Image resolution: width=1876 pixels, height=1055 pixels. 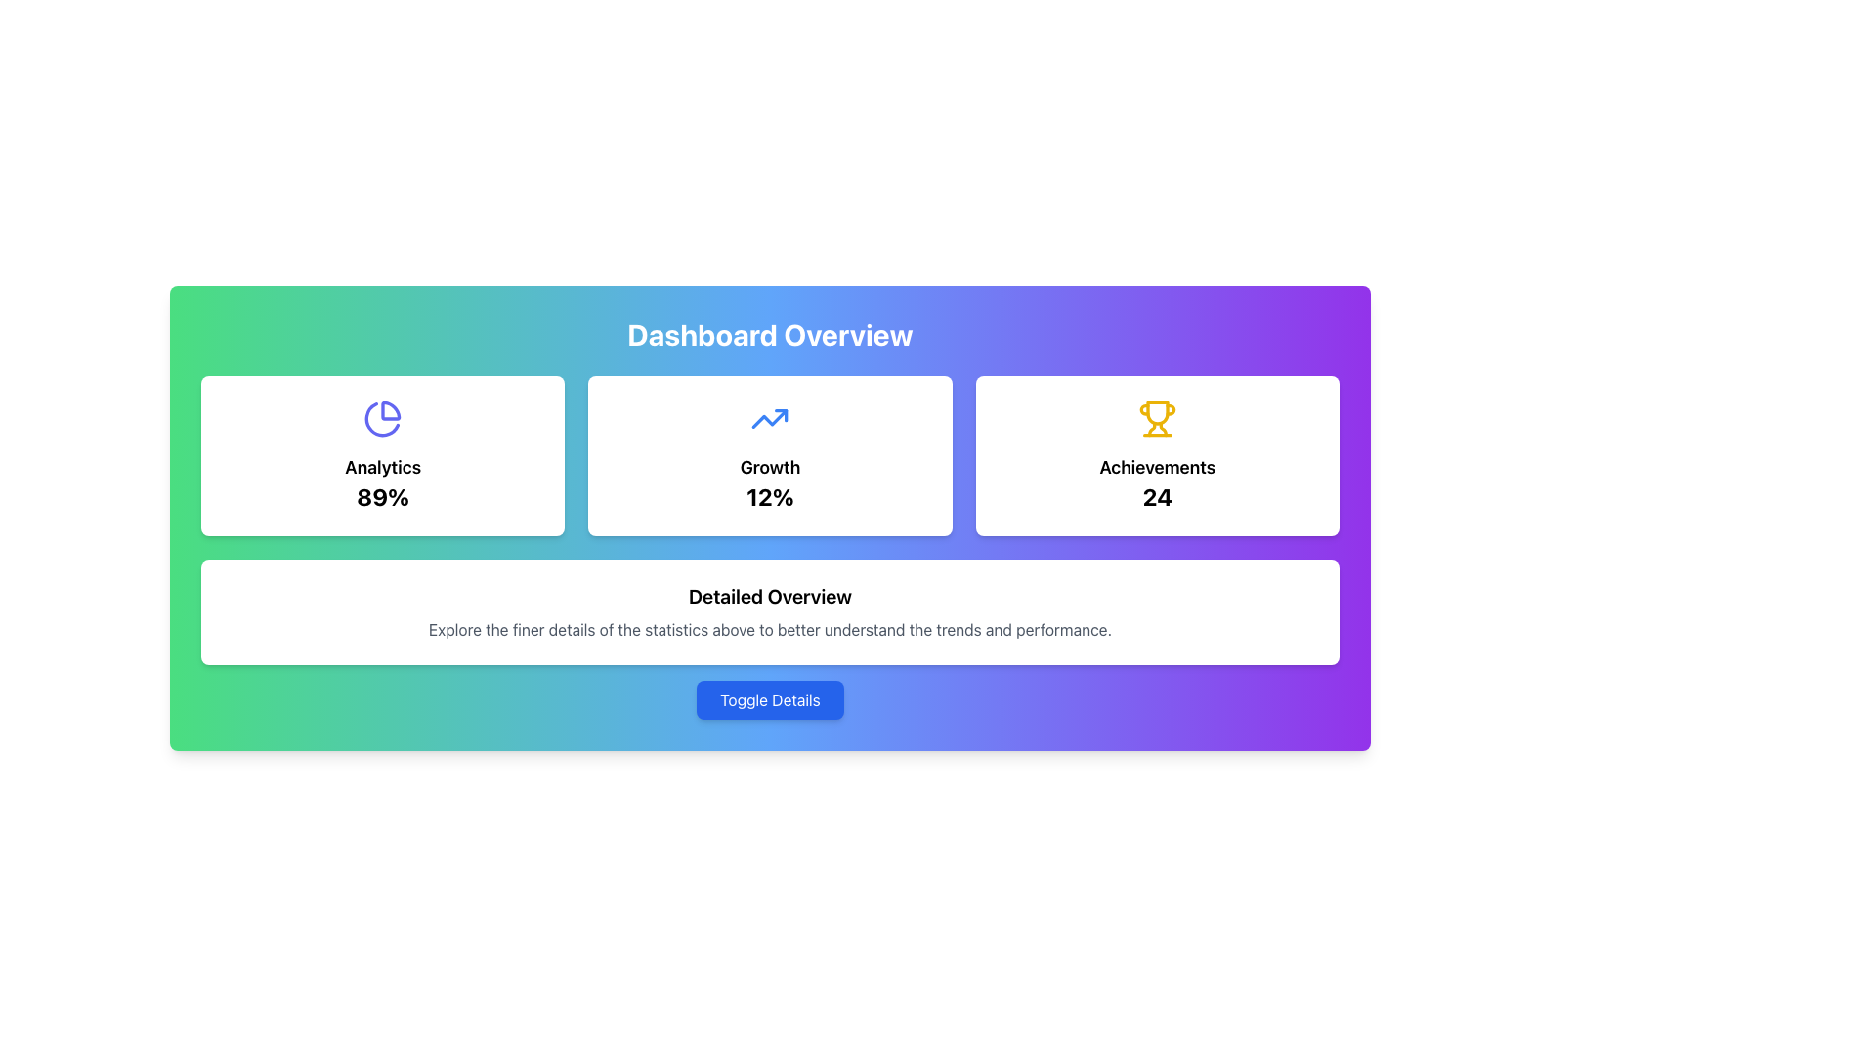 I want to click on the blue upward-sloping line chart icon with an arrow, located in the second card labeled 'Growth' with '12%' below it, so click(x=769, y=417).